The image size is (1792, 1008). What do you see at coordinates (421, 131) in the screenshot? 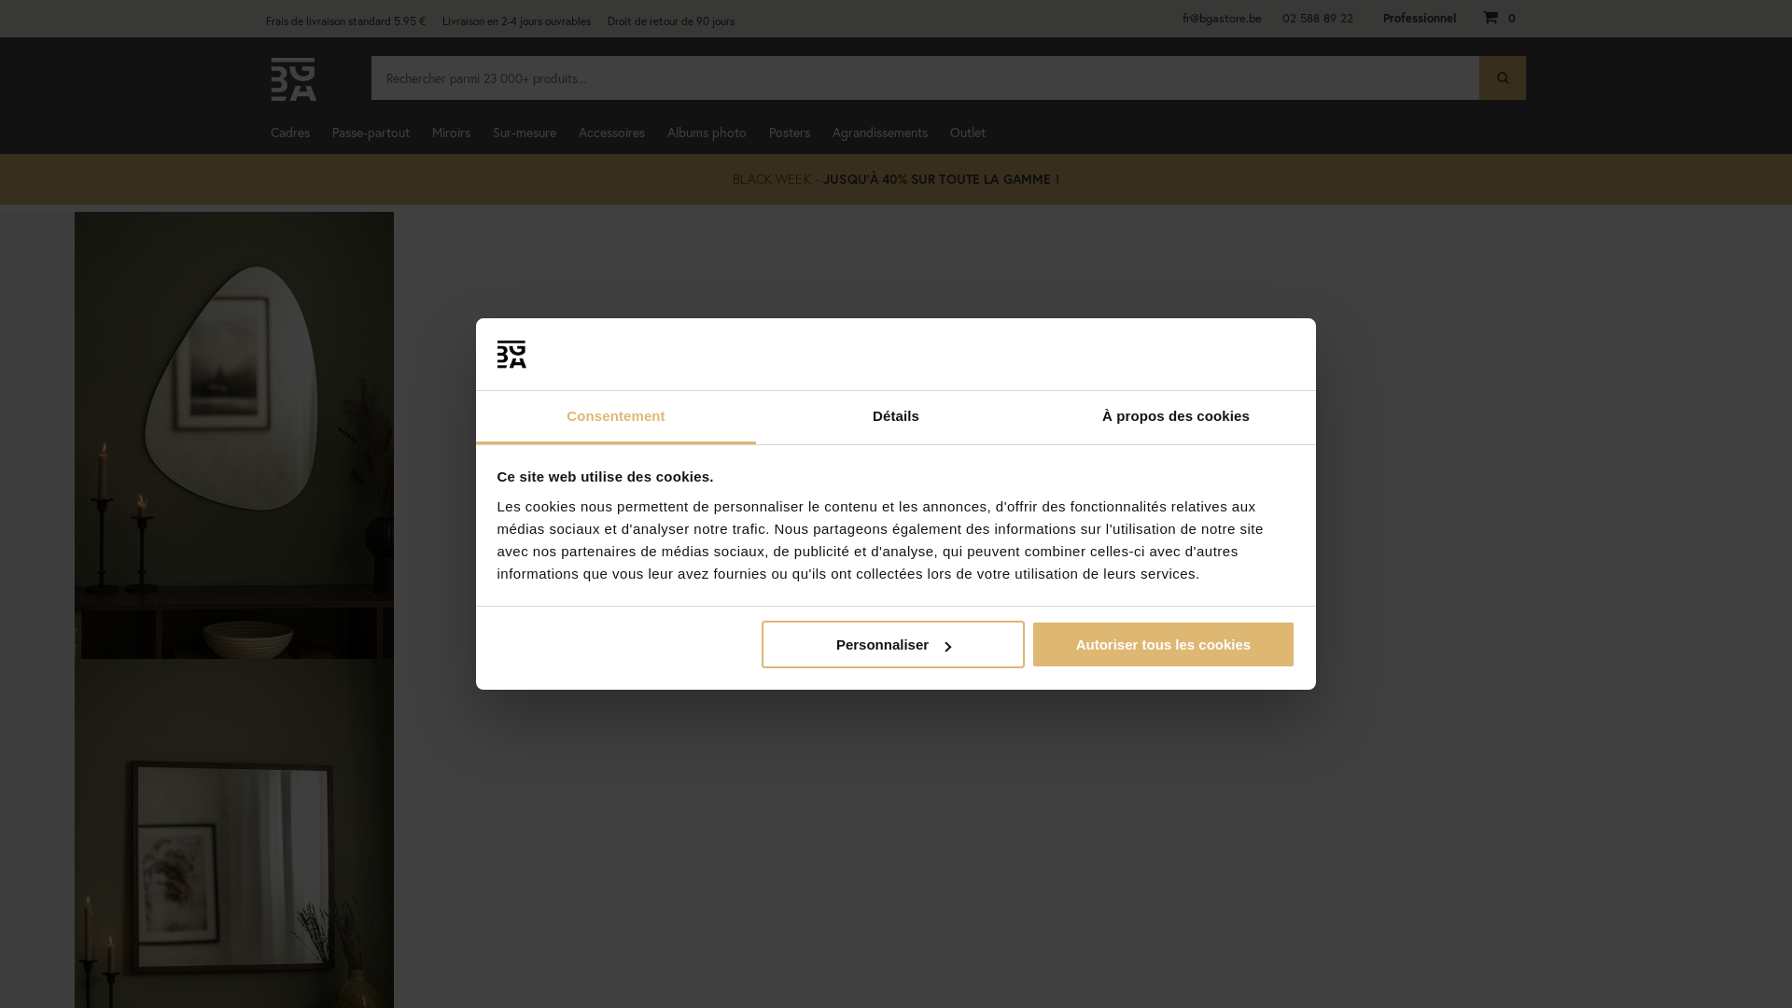
I see `'Miroirs'` at bounding box center [421, 131].